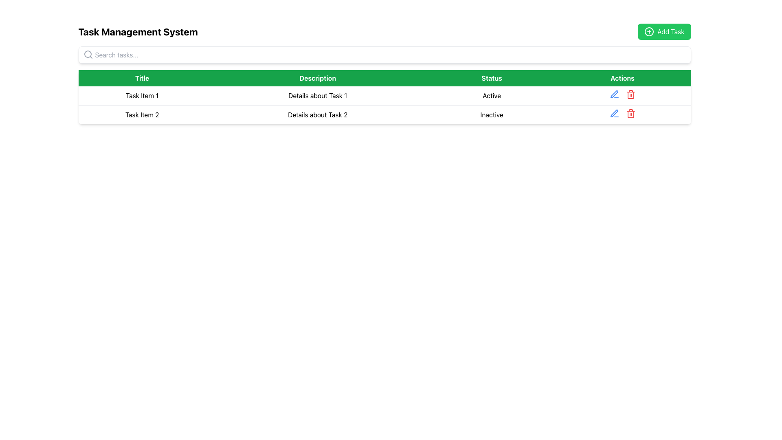 This screenshot has height=440, width=782. What do you see at coordinates (317, 78) in the screenshot?
I see `the text label containing the word 'Description', which is styled in white text on a green background and is located in the second column of a table header` at bounding box center [317, 78].